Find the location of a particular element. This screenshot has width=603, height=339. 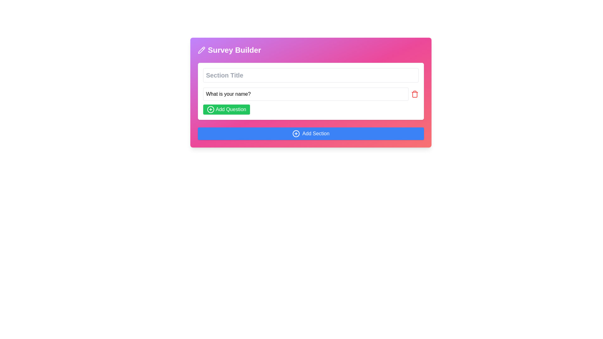

the circular icon indicating the 'Add Question' action, located to the left of the 'Add Question' button is located at coordinates (211, 109).